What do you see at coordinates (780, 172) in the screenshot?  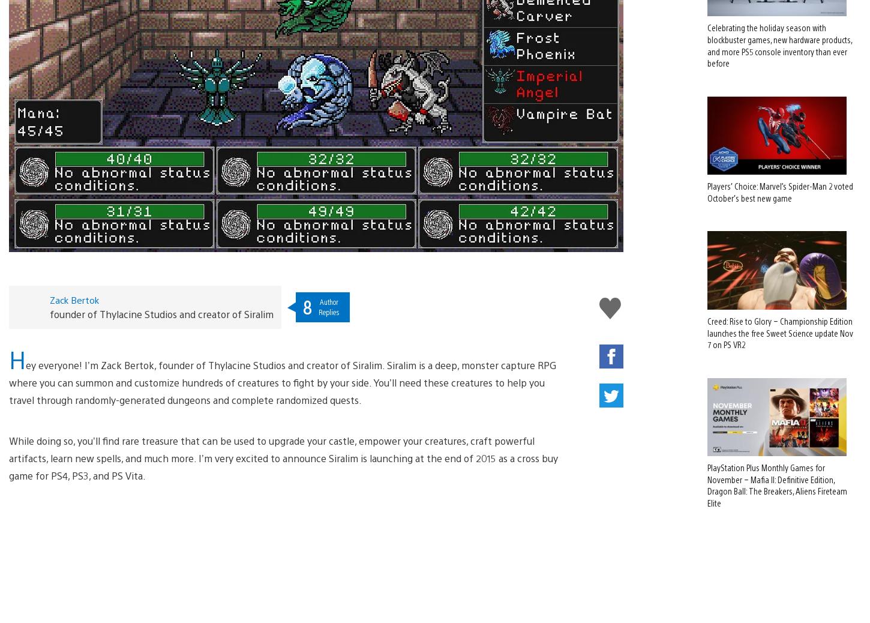 I see `'Players’ Choice: Marvel’s Spider-Man 2 voted October’s best new game'` at bounding box center [780, 172].